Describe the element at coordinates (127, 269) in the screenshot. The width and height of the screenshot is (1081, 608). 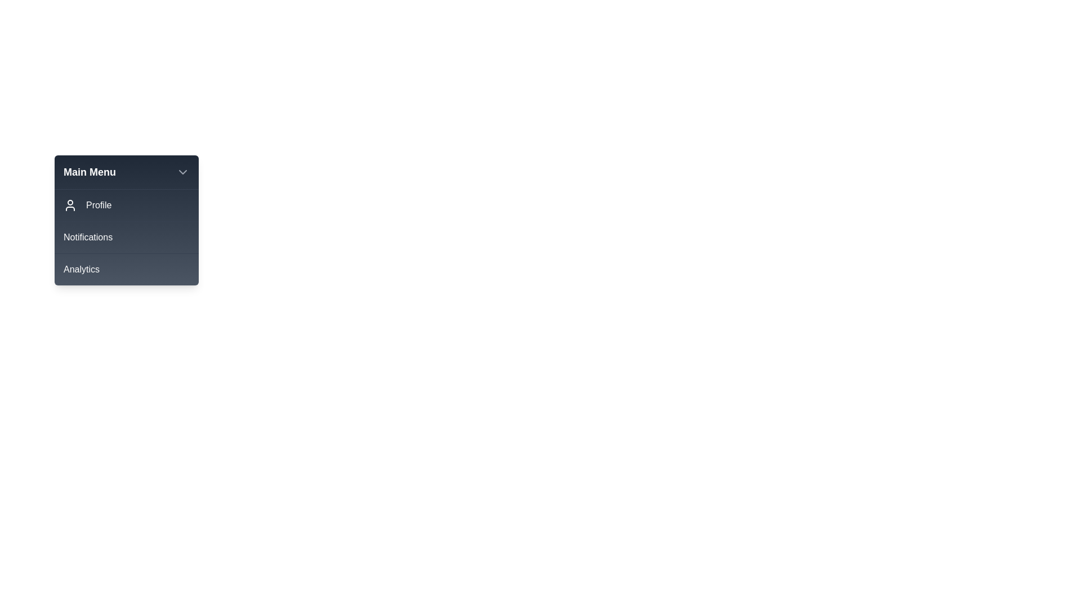
I see `the menu item Analytics from the interactive menu` at that location.